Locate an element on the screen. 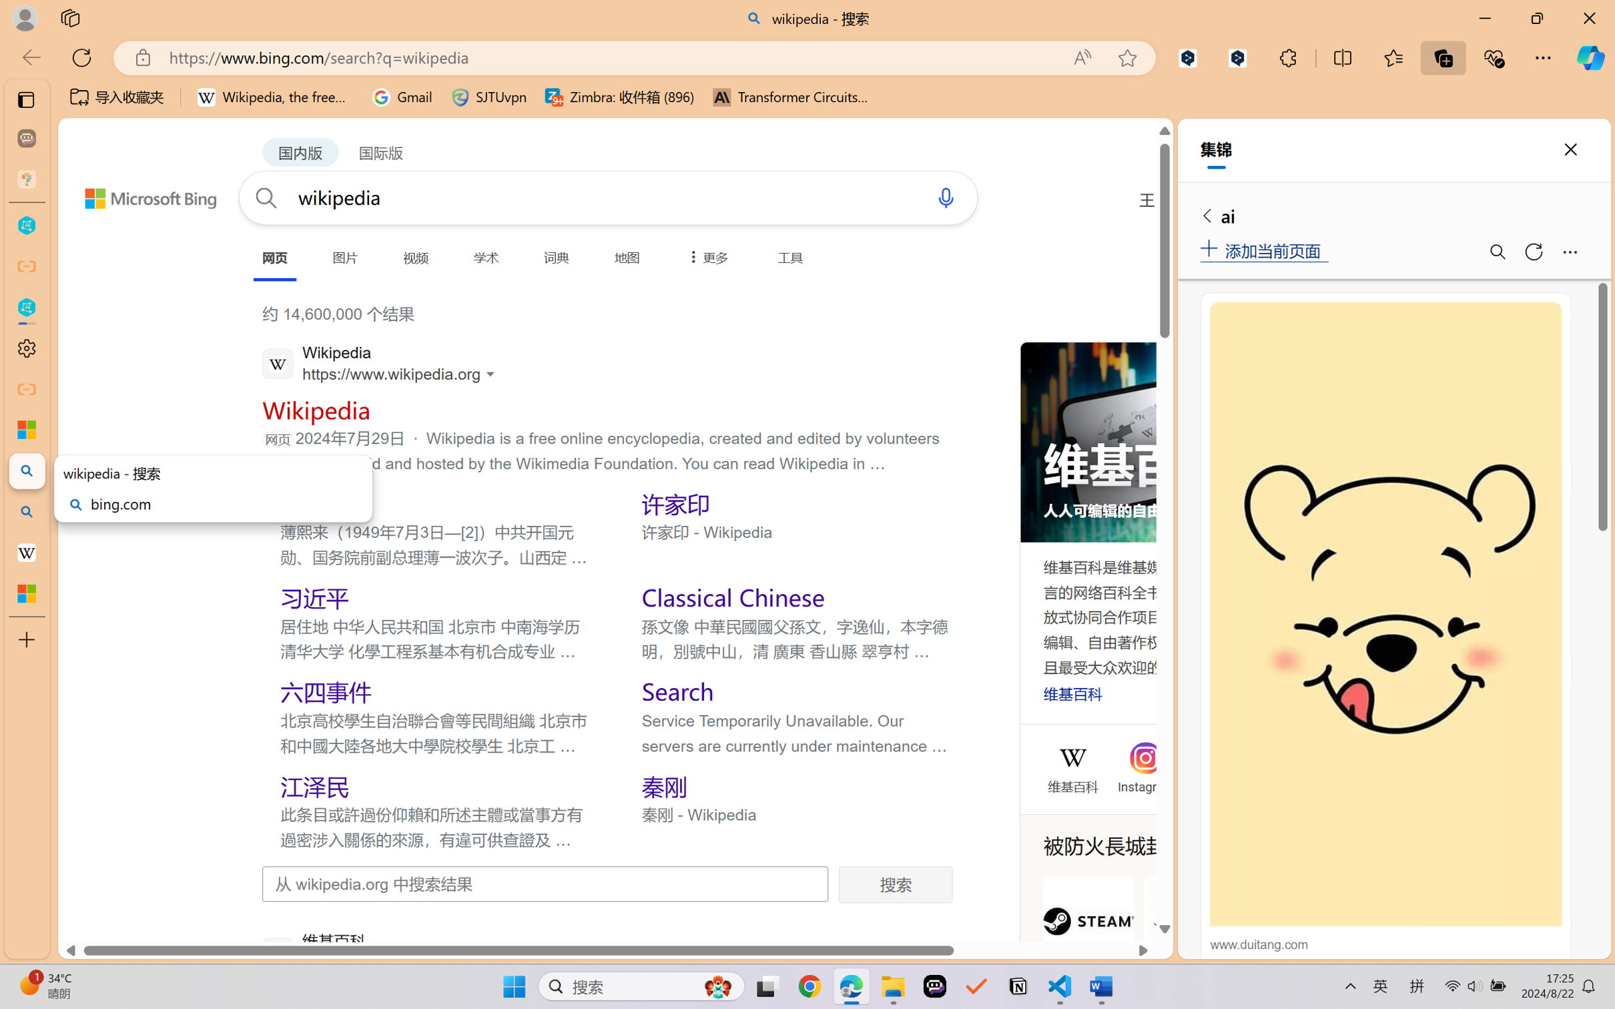  'Wikipedia, the free encyclopedia' is located at coordinates (274, 97).